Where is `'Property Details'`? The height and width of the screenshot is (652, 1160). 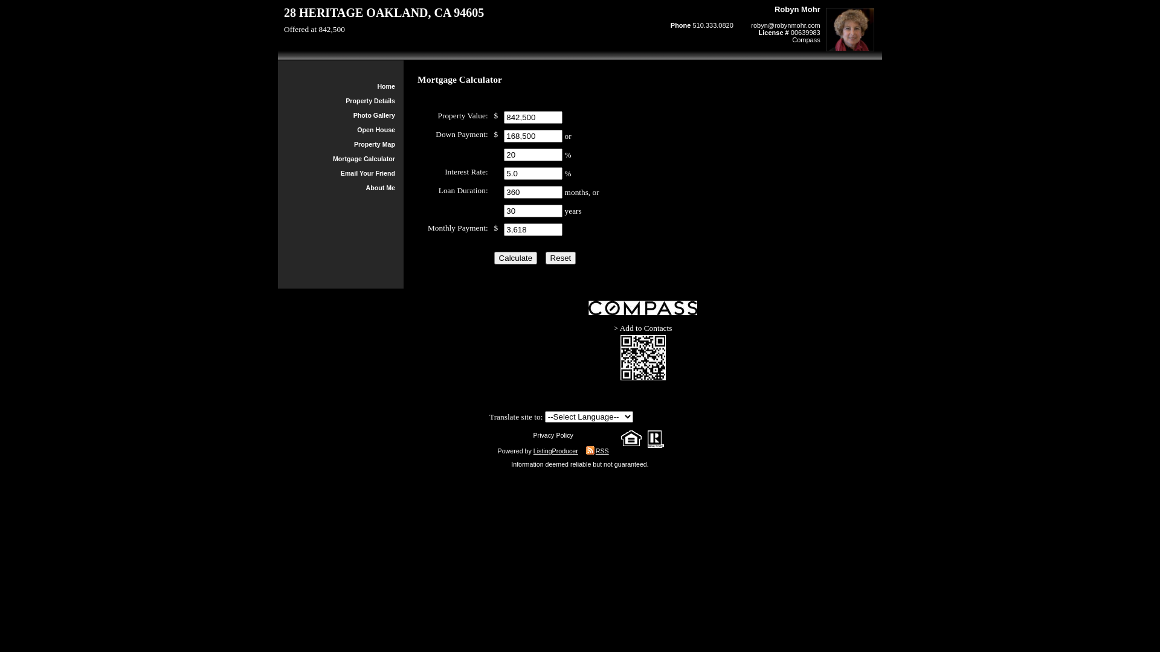
'Property Details' is located at coordinates (344, 100).